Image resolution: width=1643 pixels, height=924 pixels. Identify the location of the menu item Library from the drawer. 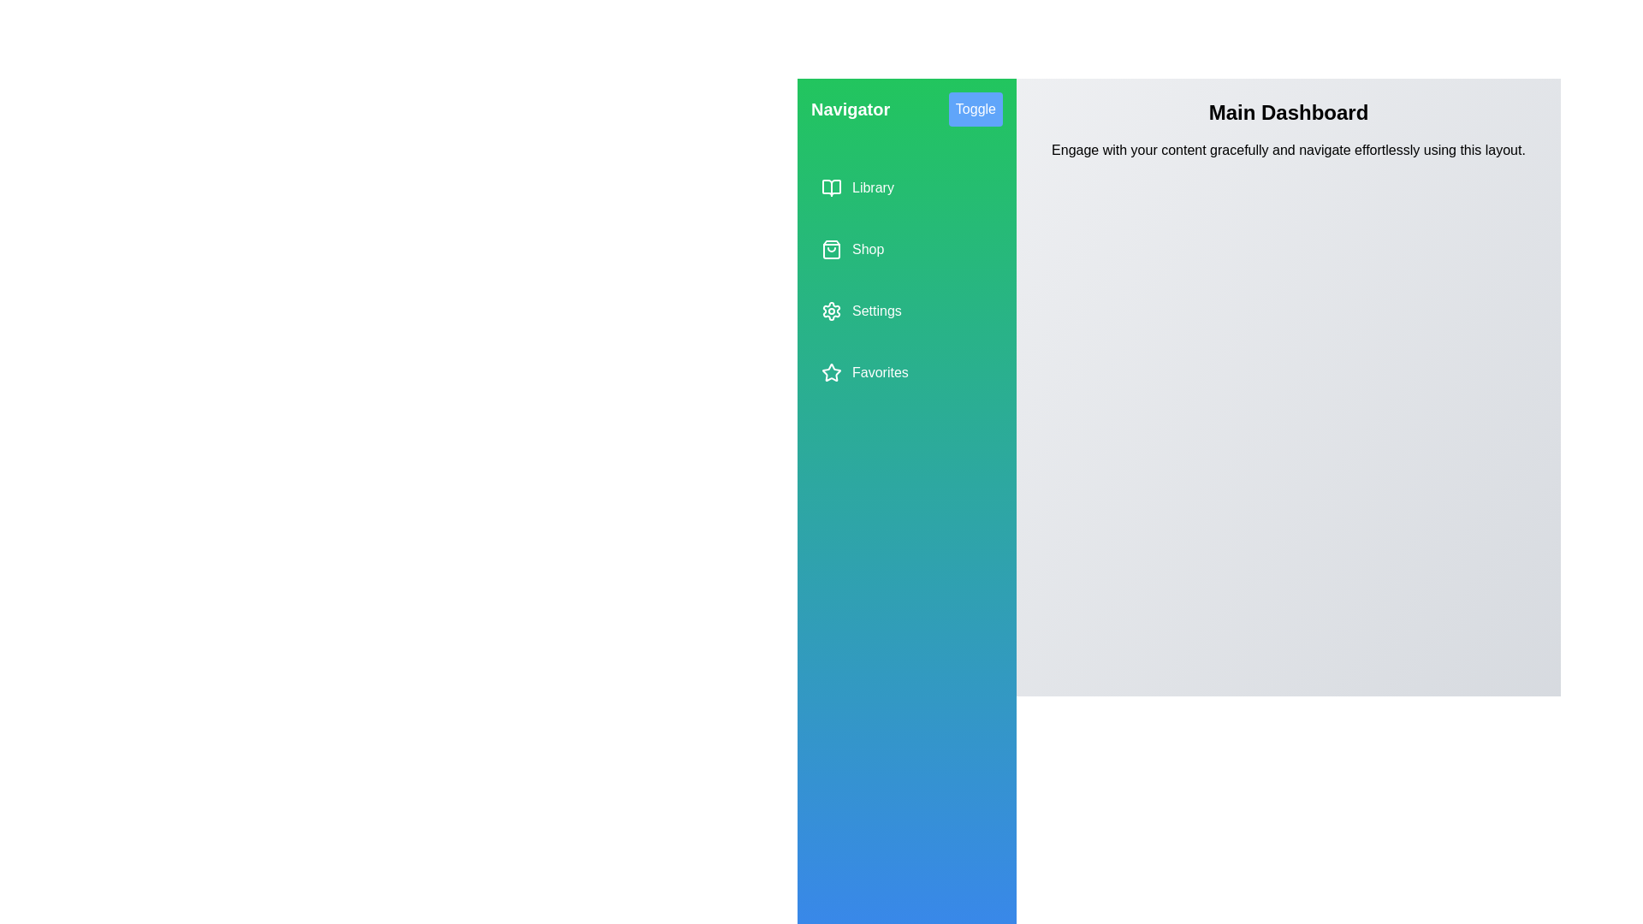
(906, 187).